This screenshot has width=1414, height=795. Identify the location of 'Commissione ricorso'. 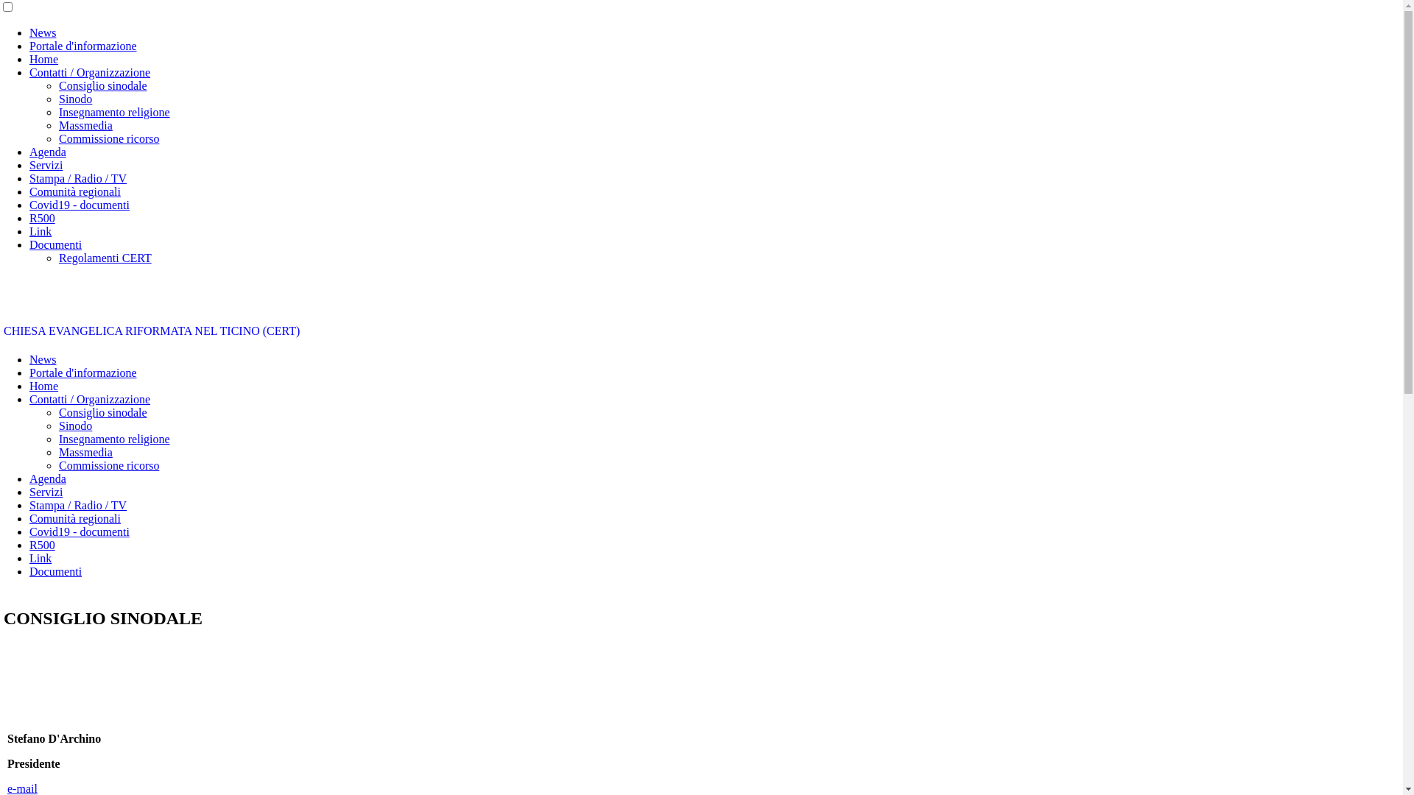
(108, 138).